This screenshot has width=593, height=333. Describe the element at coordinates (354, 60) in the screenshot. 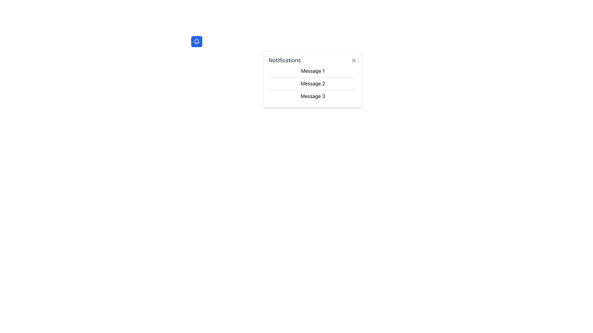

I see `the close button located at the top-right corner of the notification box` at that location.